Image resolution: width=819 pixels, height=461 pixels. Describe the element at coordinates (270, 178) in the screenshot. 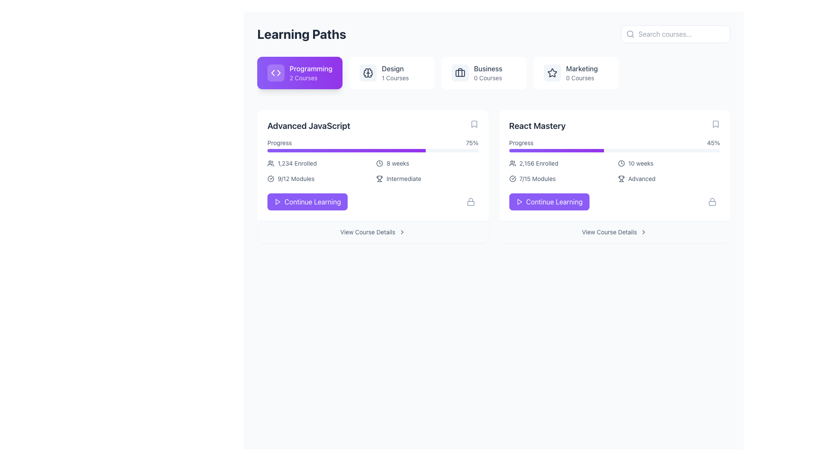

I see `the circular icon with a checkmark located to the left of the text '9/12 Modules' in the Advanced JavaScript course progress section` at that location.